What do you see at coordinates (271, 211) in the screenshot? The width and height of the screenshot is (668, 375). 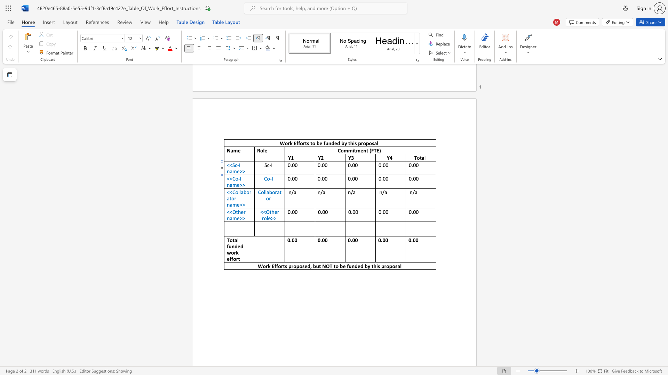 I see `the space between the continuous character "t" and "h" in the text` at bounding box center [271, 211].